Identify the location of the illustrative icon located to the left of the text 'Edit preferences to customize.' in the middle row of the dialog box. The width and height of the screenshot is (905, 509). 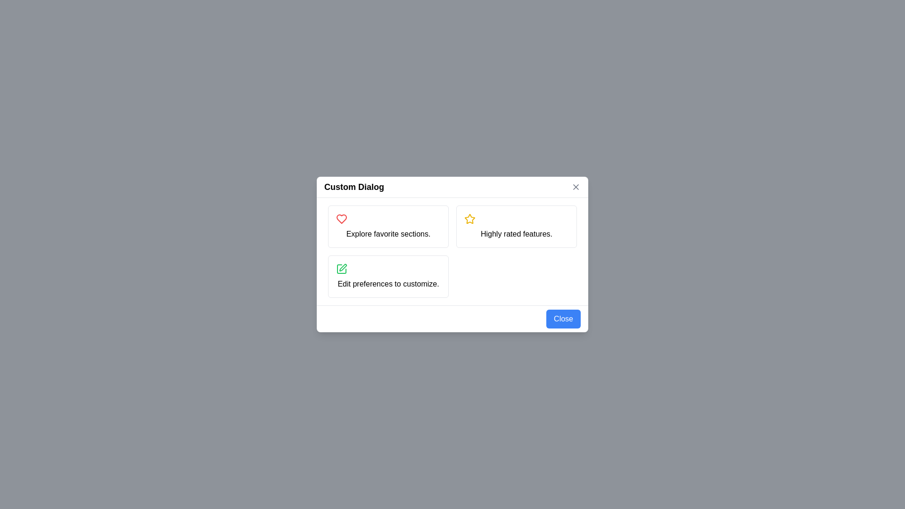
(341, 269).